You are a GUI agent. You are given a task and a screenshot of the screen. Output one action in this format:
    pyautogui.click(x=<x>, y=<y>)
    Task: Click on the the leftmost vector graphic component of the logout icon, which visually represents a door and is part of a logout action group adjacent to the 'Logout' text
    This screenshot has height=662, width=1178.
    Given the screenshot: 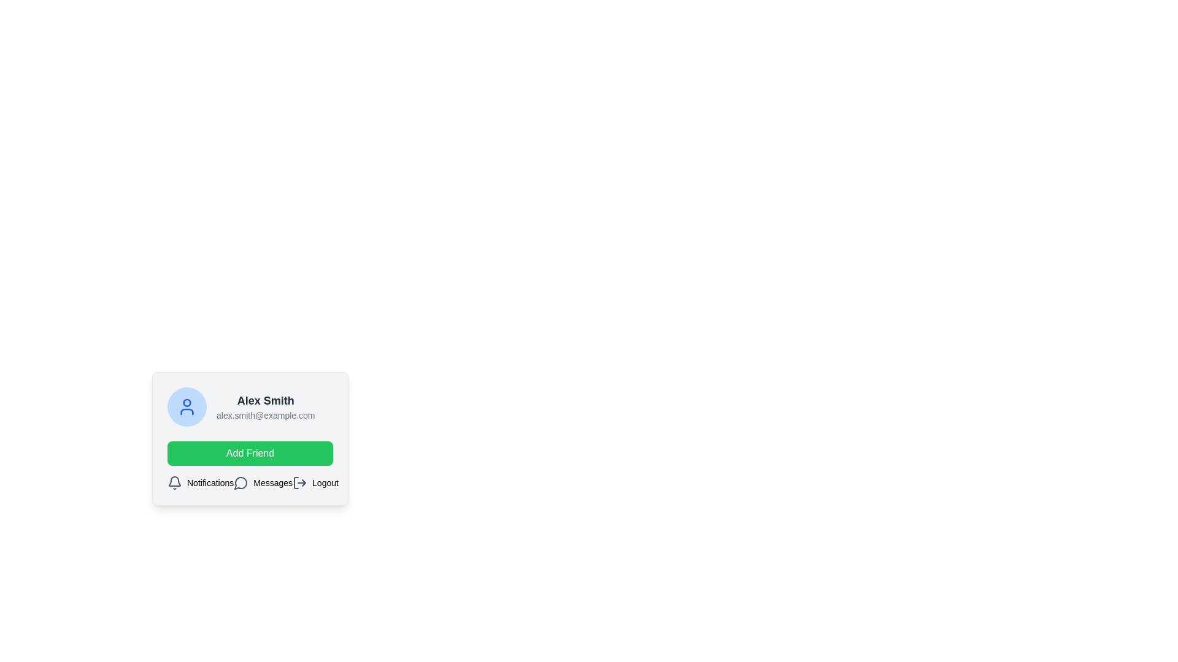 What is the action you would take?
    pyautogui.click(x=296, y=482)
    